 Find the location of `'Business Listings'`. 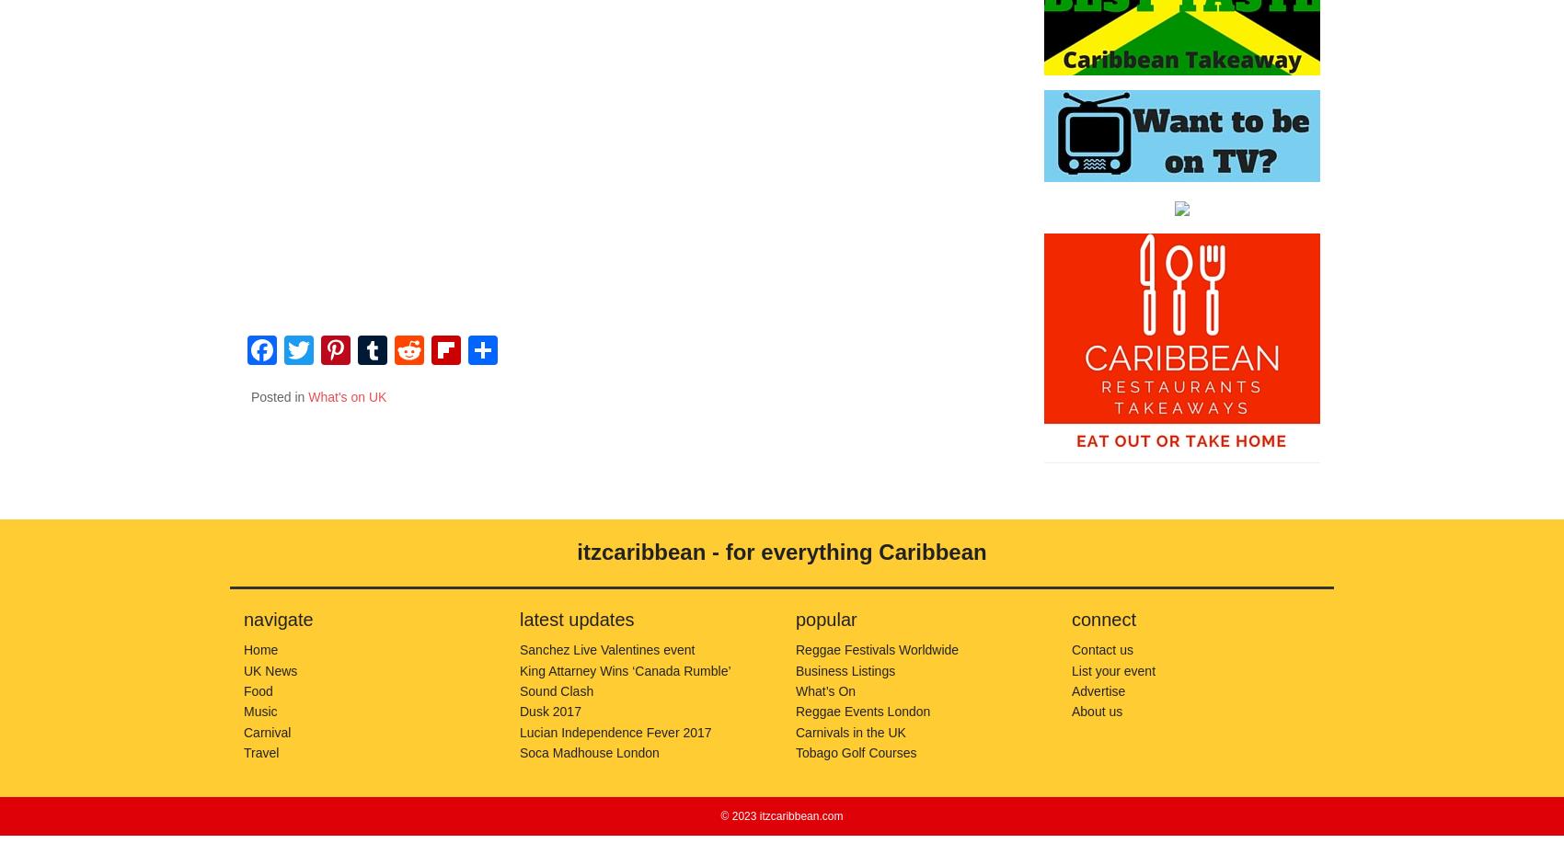

'Business Listings' is located at coordinates (845, 669).